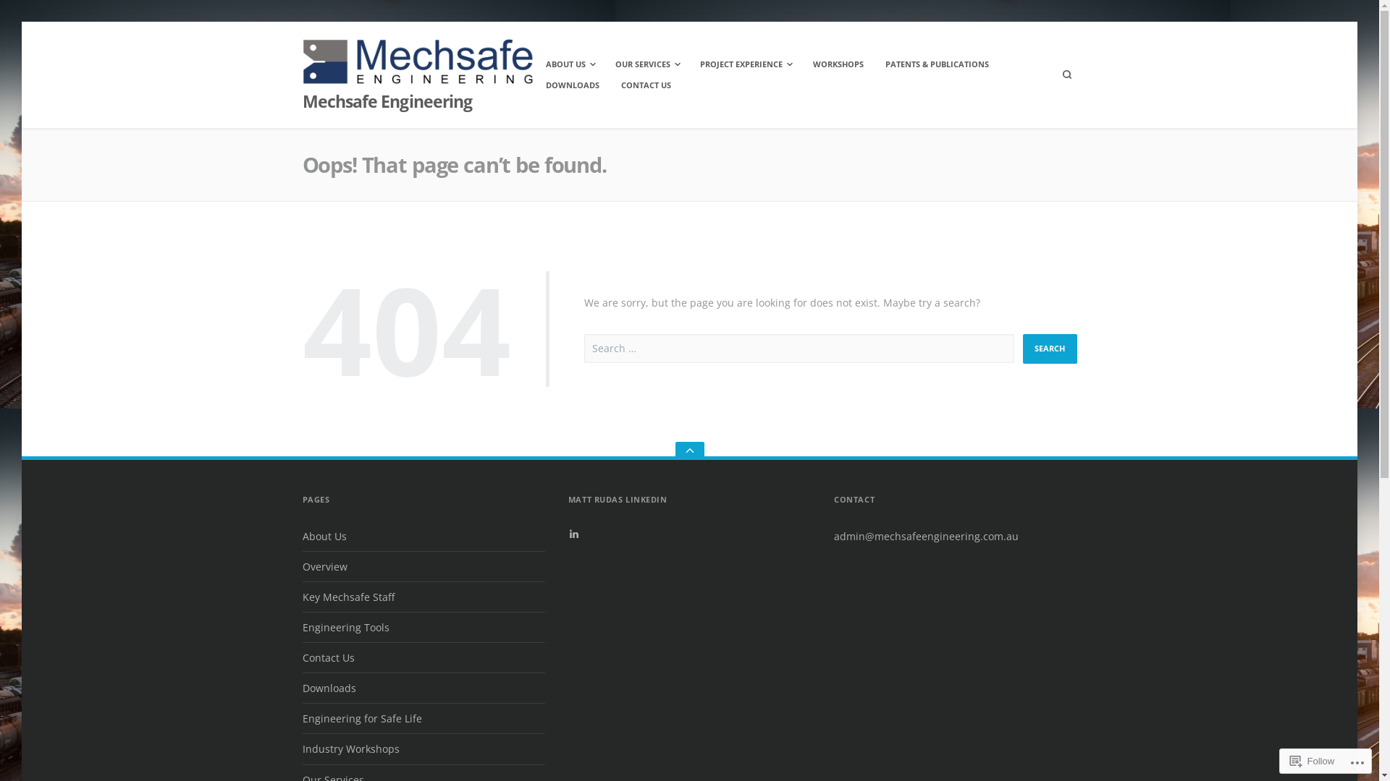 The height and width of the screenshot is (781, 1390). I want to click on 'Search', so click(1049, 349).